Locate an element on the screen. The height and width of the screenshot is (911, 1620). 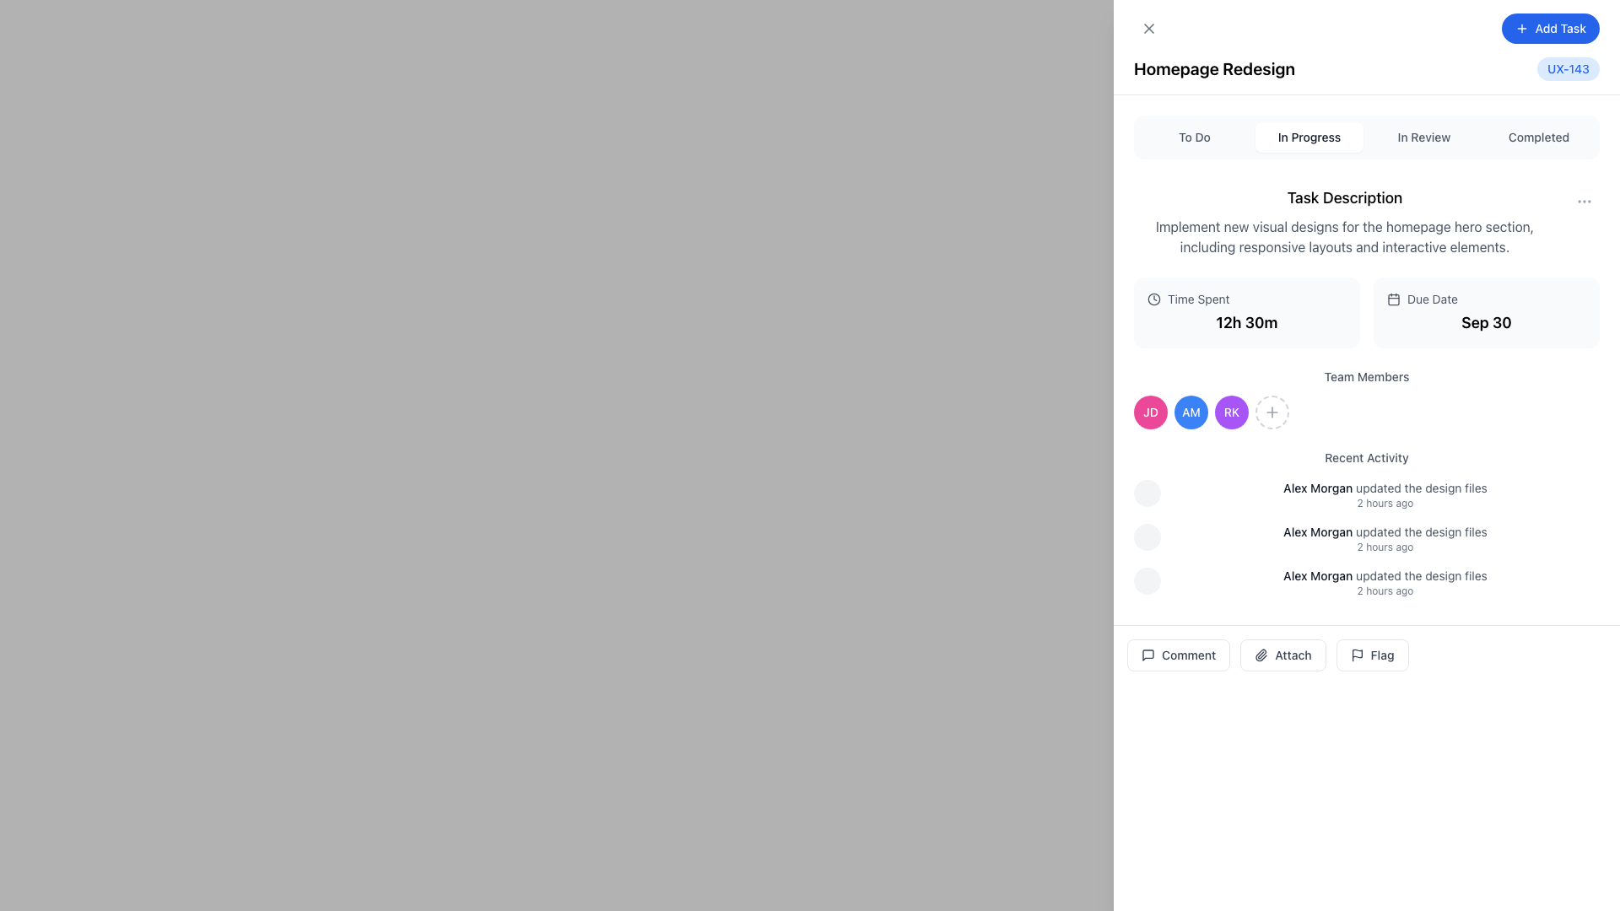
the minimalist speech bubble icon located in the lower part of the interface is located at coordinates (1147, 654).